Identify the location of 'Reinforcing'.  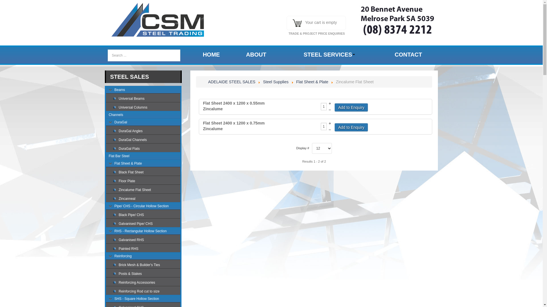
(143, 256).